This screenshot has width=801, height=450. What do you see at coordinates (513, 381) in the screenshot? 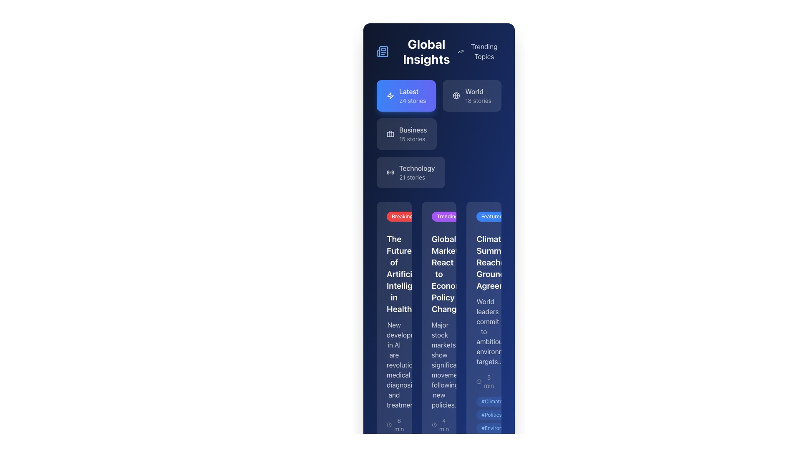
I see `displayed text for time estimation from the text element located at the bottom of the third card in the horizontally scrolling list of news articles, aligned to the left within its footer` at bounding box center [513, 381].